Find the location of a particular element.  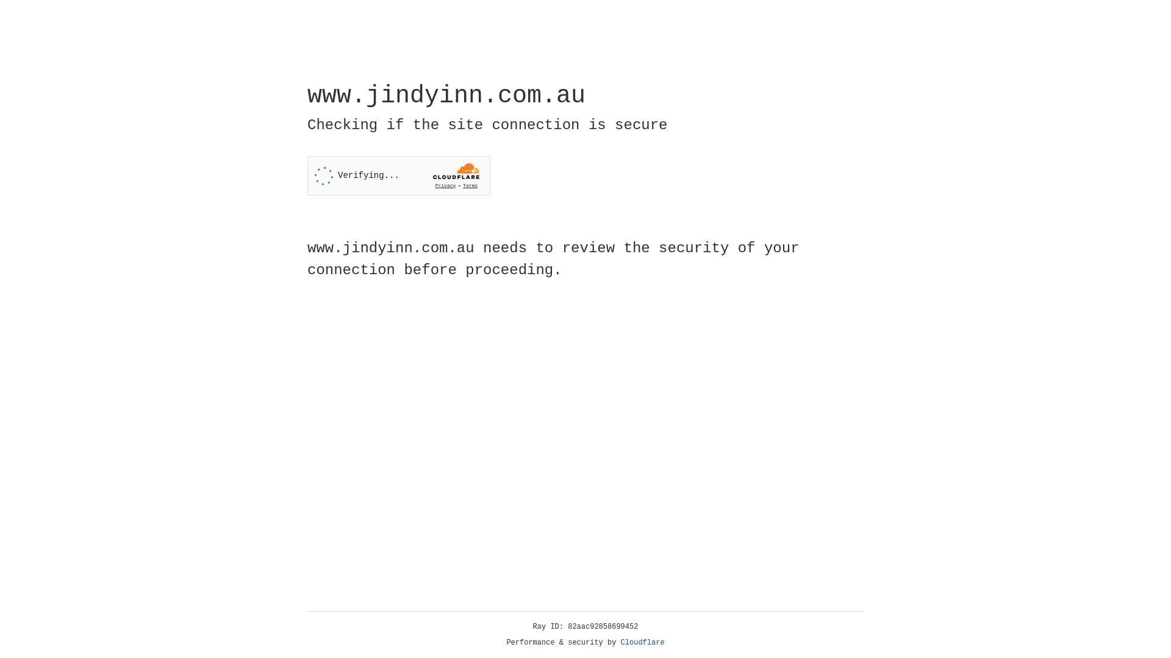

'Cloudflare' is located at coordinates (642, 642).